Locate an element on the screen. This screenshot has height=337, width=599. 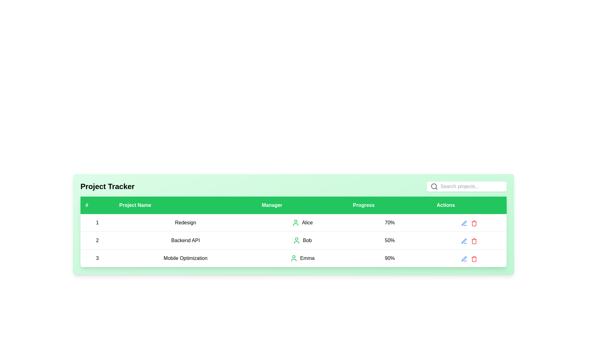
the text label displaying '70%' in the 'Progress' column of the data table for the project 'Redesign' managed by 'Alice' is located at coordinates (389, 222).